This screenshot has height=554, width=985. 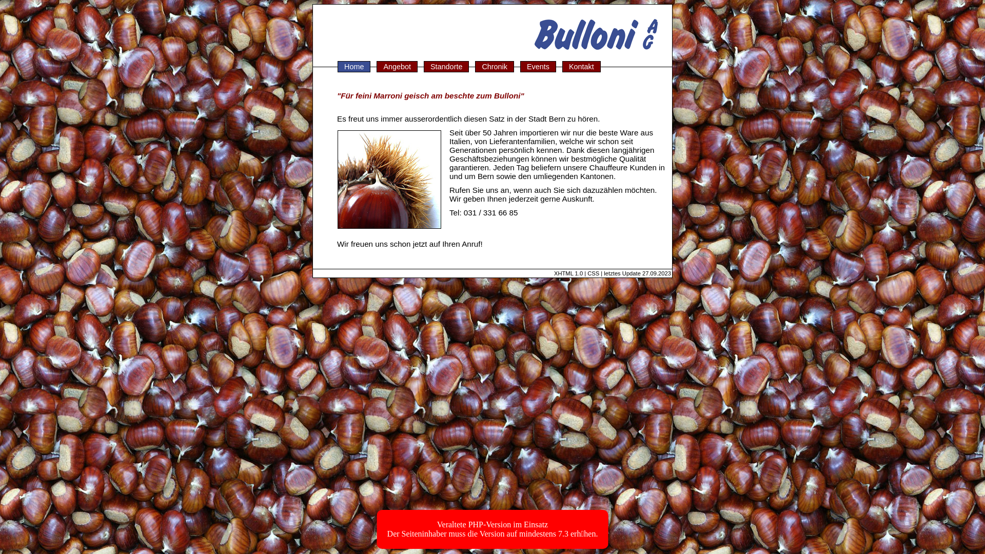 What do you see at coordinates (581, 67) in the screenshot?
I see `'Kontakt'` at bounding box center [581, 67].